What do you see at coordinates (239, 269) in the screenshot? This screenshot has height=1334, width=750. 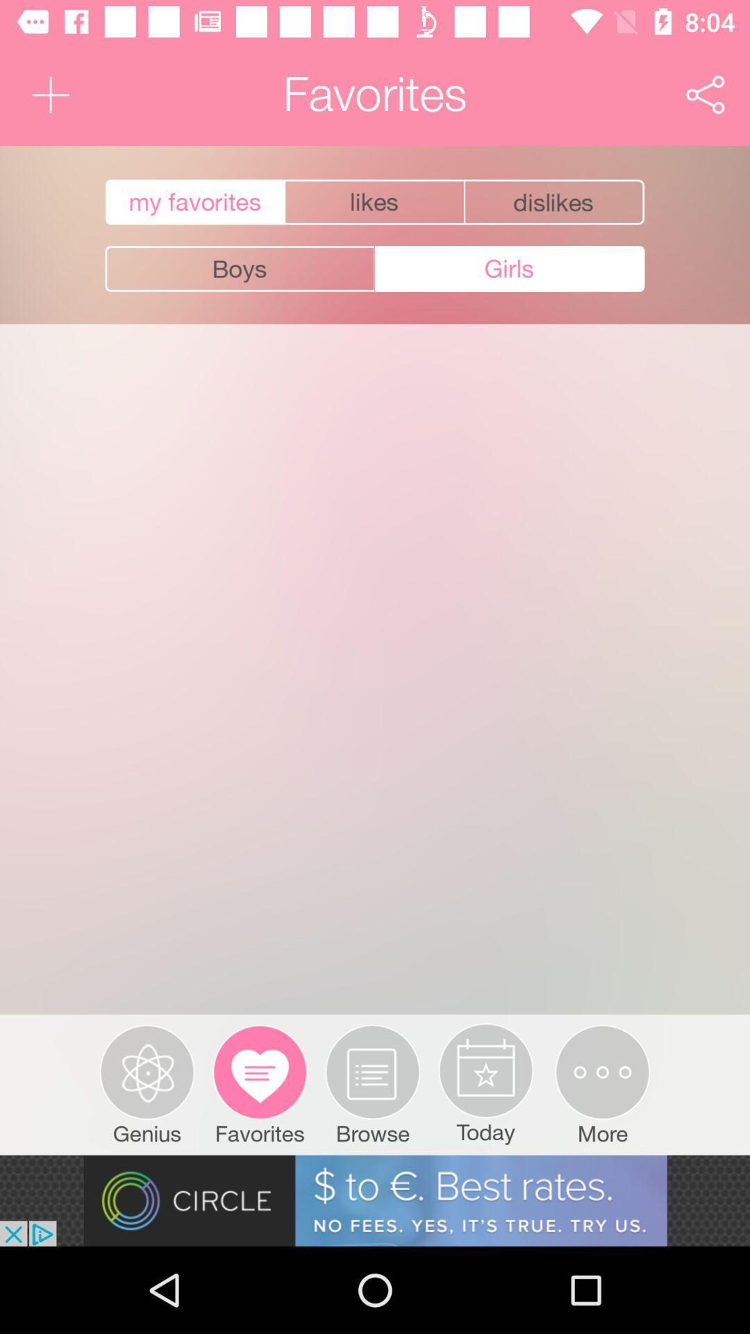 I see `boys button` at bounding box center [239, 269].